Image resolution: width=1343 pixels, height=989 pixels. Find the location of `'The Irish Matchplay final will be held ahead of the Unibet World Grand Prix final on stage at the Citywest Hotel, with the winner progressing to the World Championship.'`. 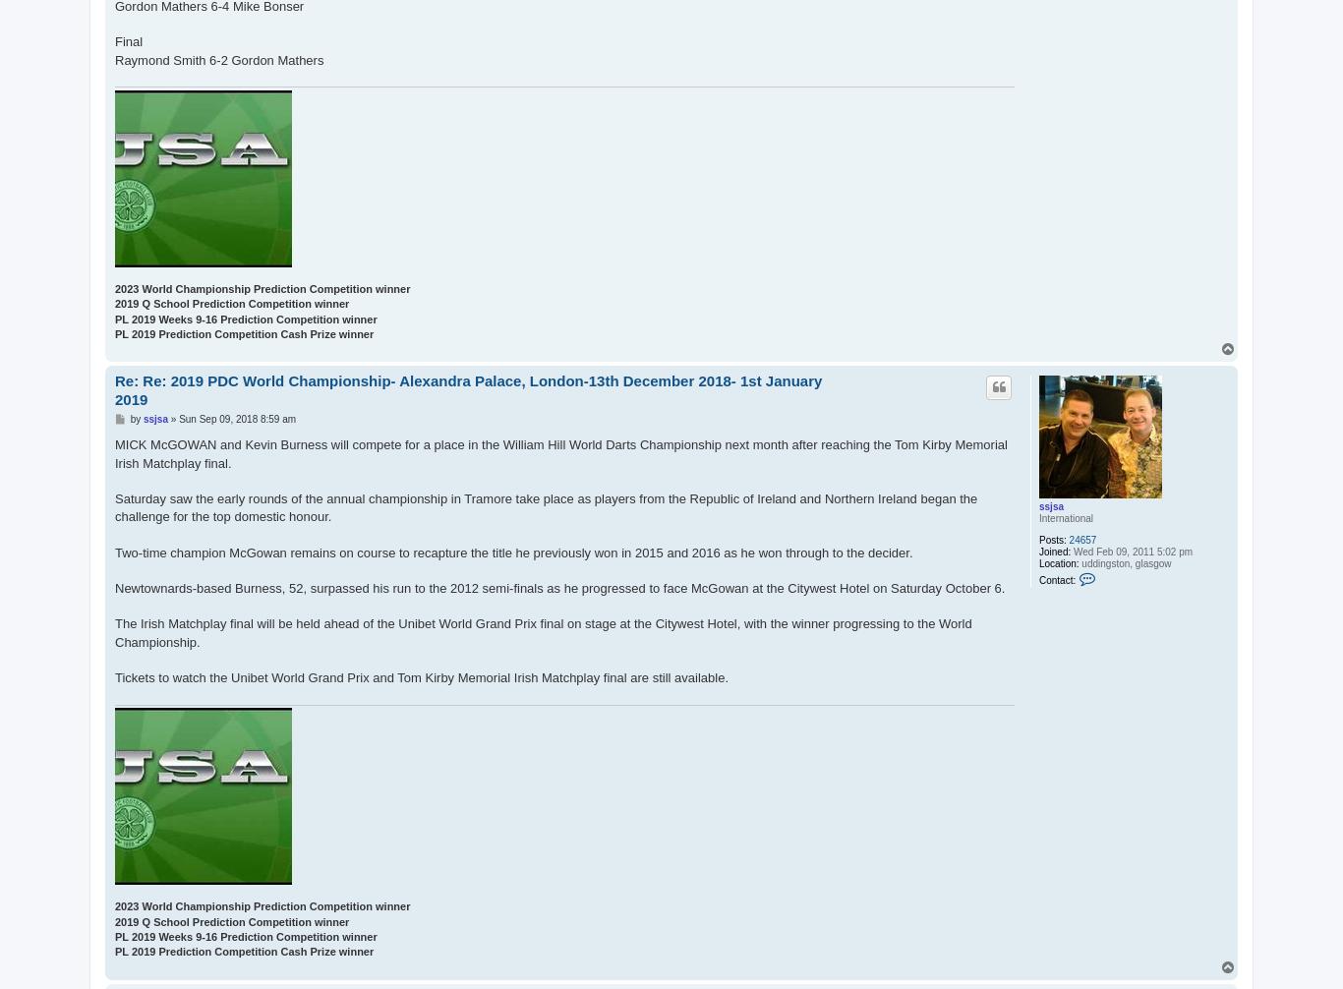

'The Irish Matchplay final will be held ahead of the Unibet World Grand Prix final on stage at the Citywest Hotel, with the winner progressing to the World Championship.' is located at coordinates (543, 632).